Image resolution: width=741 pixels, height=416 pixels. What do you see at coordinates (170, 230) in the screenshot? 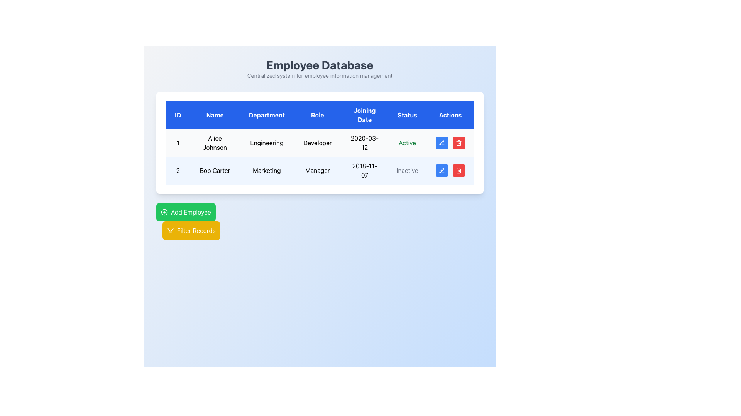
I see `the yellow funnel-shaped icon located to the left of the 'Filter Records' text within the button labeled 'Filter Records'` at bounding box center [170, 230].